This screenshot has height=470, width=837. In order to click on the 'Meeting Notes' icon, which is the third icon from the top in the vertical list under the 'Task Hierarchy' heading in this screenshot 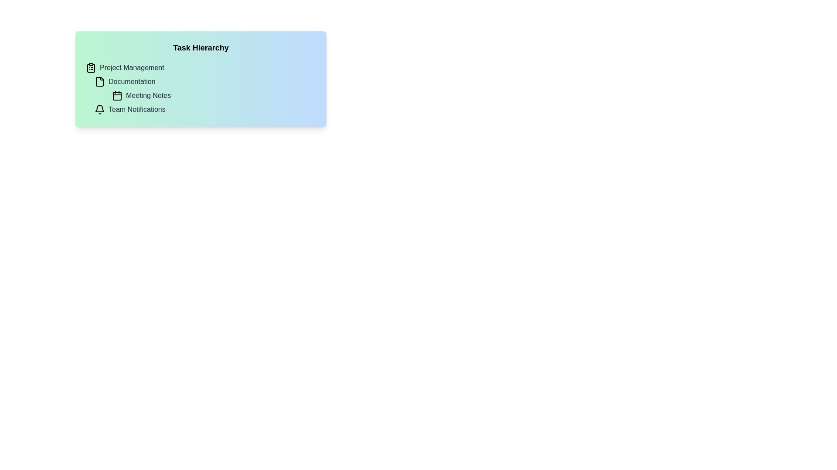, I will do `click(116, 95)`.